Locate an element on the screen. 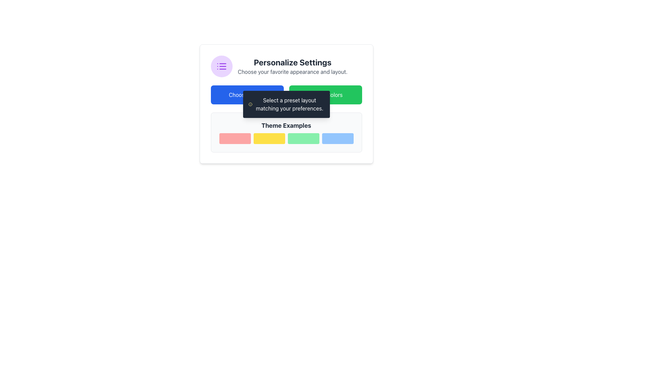 This screenshot has width=651, height=366. the bright red rectangular panel with rounded corners, which is the leftmost element in a row of four colored blocks is located at coordinates (235, 138).